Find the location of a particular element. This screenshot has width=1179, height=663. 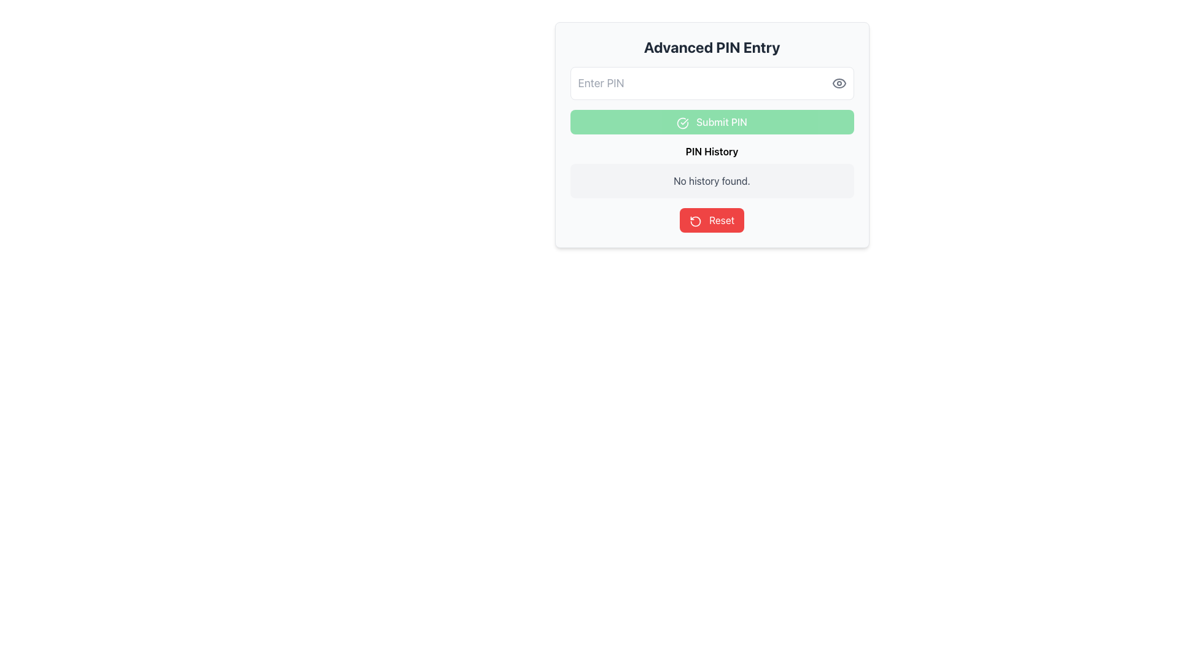

the circular green icon with a white checkmark located to the left of the 'Submit PIN' text within the green button is located at coordinates (682, 123).